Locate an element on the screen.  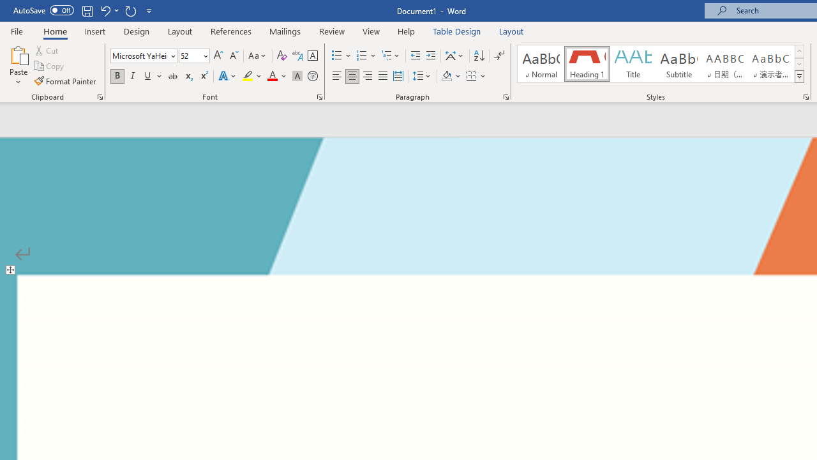
'Show/Hide Editing Marks' is located at coordinates (498, 55).